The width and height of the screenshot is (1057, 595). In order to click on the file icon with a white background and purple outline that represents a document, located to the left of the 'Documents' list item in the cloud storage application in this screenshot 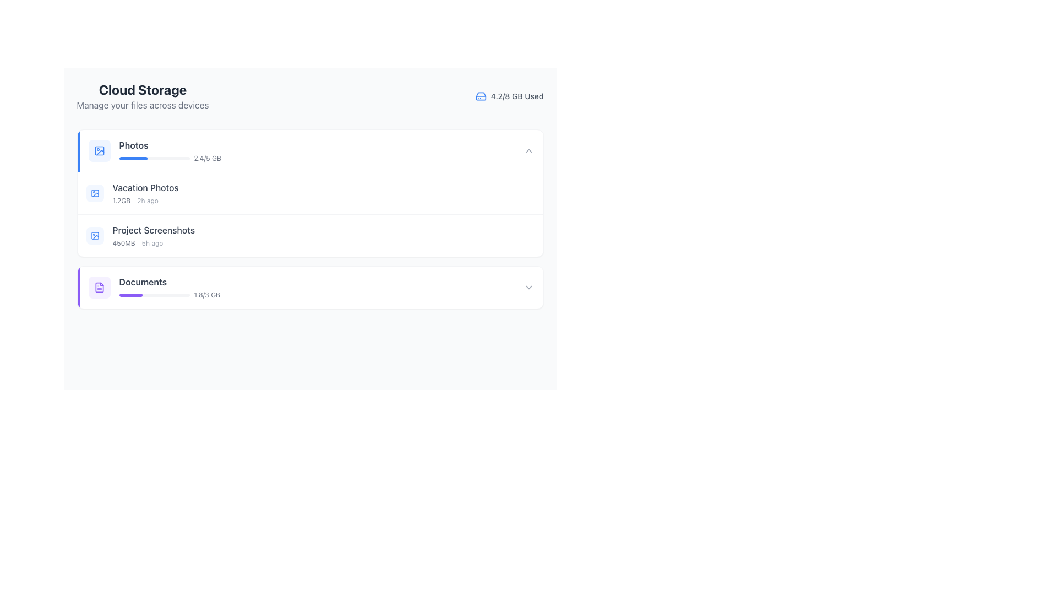, I will do `click(99, 286)`.